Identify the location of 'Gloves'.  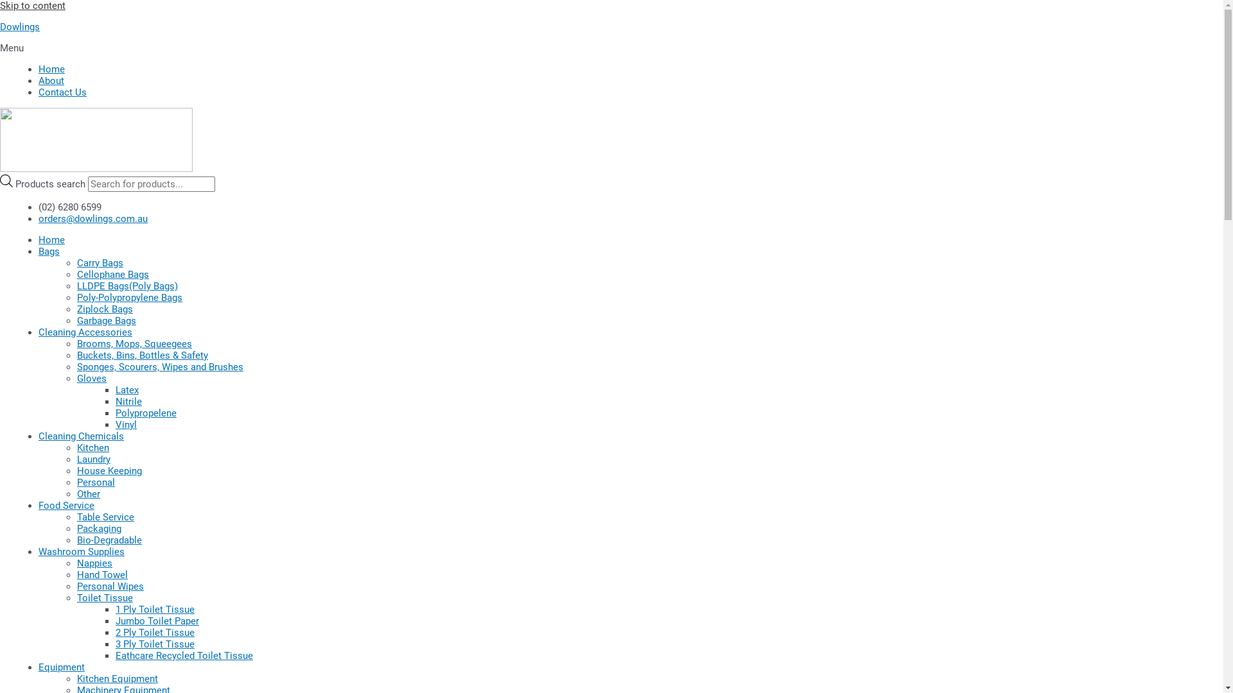
(91, 378).